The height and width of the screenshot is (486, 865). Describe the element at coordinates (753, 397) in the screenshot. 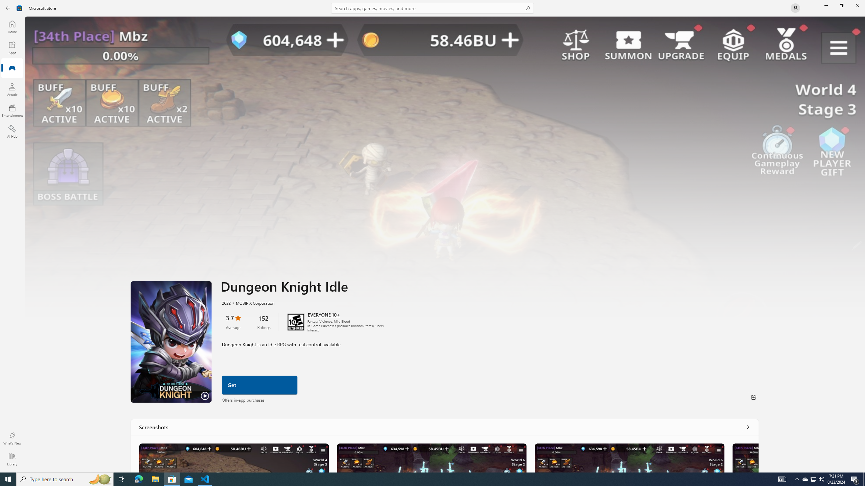

I see `'Share'` at that location.